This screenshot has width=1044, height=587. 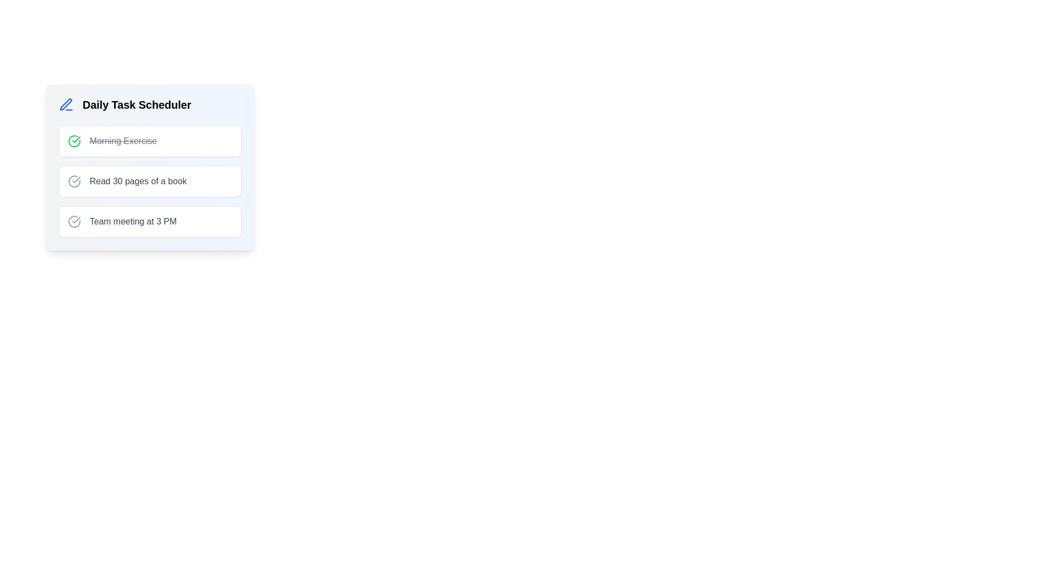 I want to click on text label that says 'Read 30 pages of a book' located in the second position of the task list in the Daily Task Scheduler interface, so click(x=138, y=181).